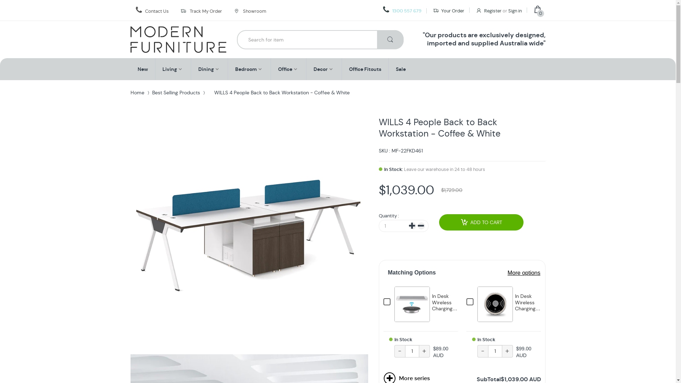 The height and width of the screenshot is (383, 681). I want to click on 'Office Fitouts', so click(349, 69).